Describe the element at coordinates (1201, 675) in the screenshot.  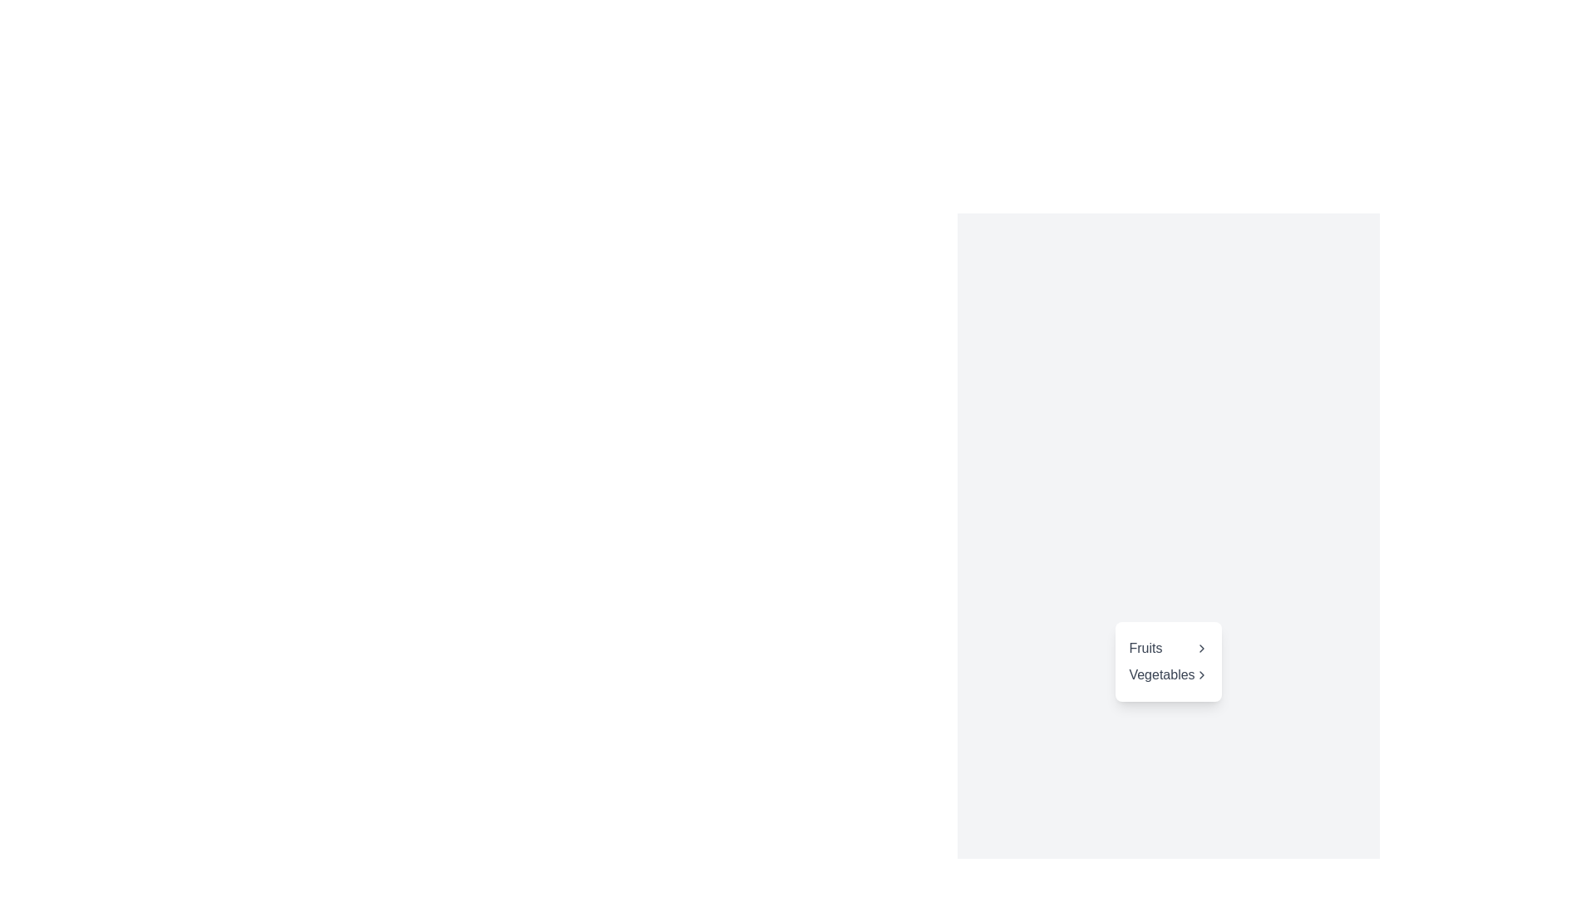
I see `the rightward-pointing chevron icon located to the right of the 'Vegetables' text in the menu` at that location.